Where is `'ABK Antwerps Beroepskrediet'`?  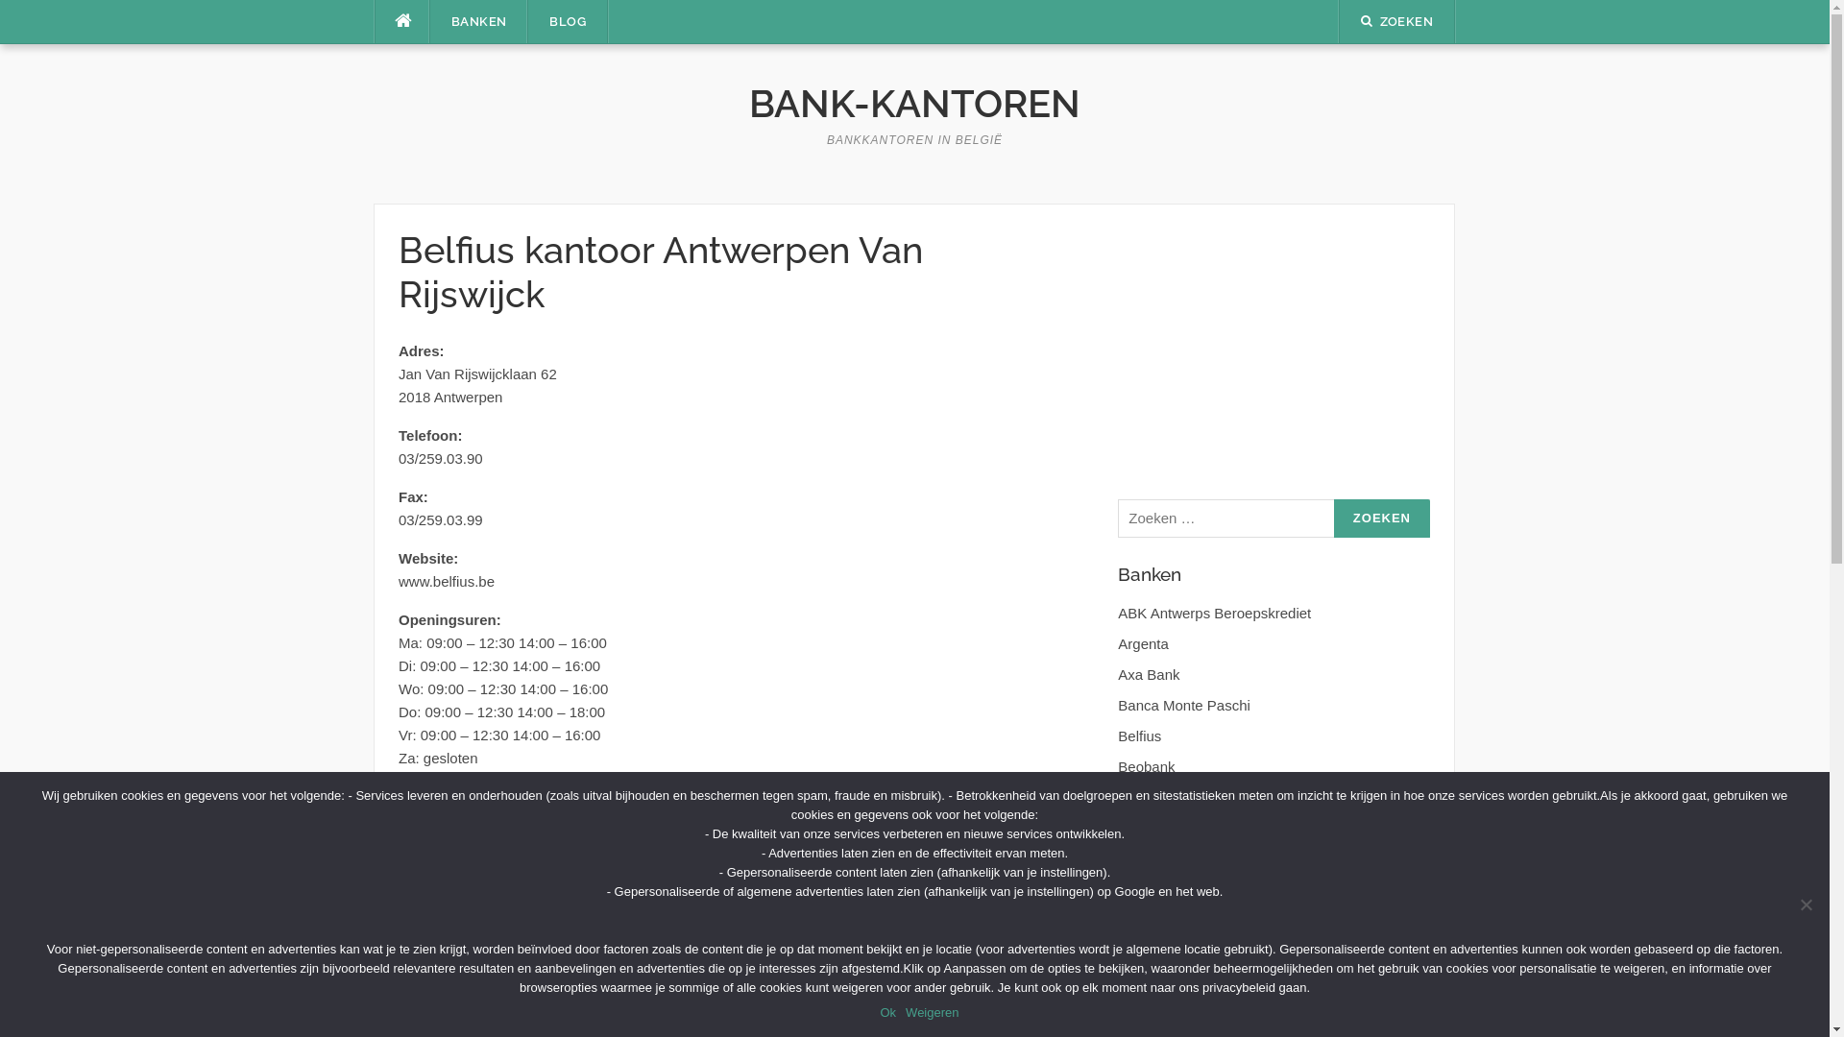 'ABK Antwerps Beroepskrediet' is located at coordinates (1117, 613).